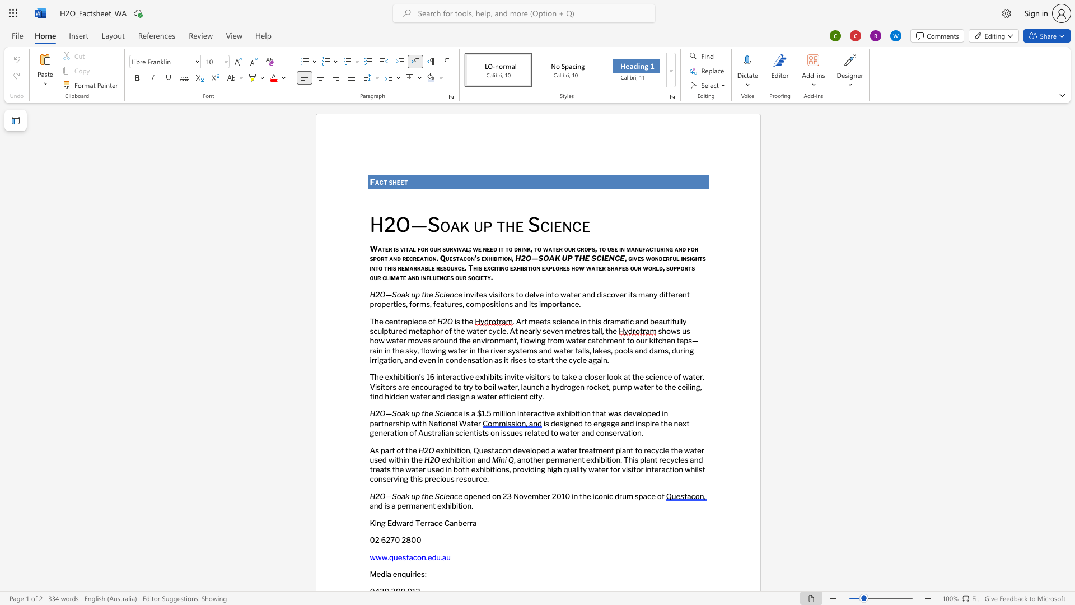  What do you see at coordinates (475, 495) in the screenshot?
I see `the 1th character "e" in the text` at bounding box center [475, 495].